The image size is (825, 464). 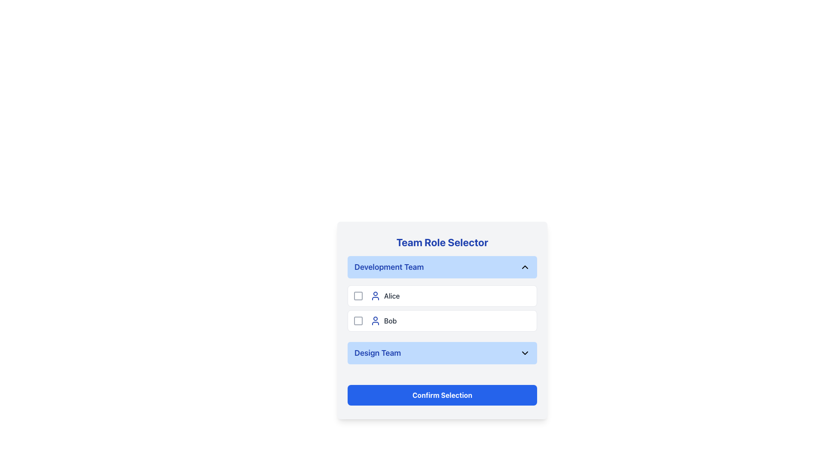 What do you see at coordinates (375, 321) in the screenshot?
I see `the icon labeled 'Bob' which is the second icon in the 'Development Team' section` at bounding box center [375, 321].